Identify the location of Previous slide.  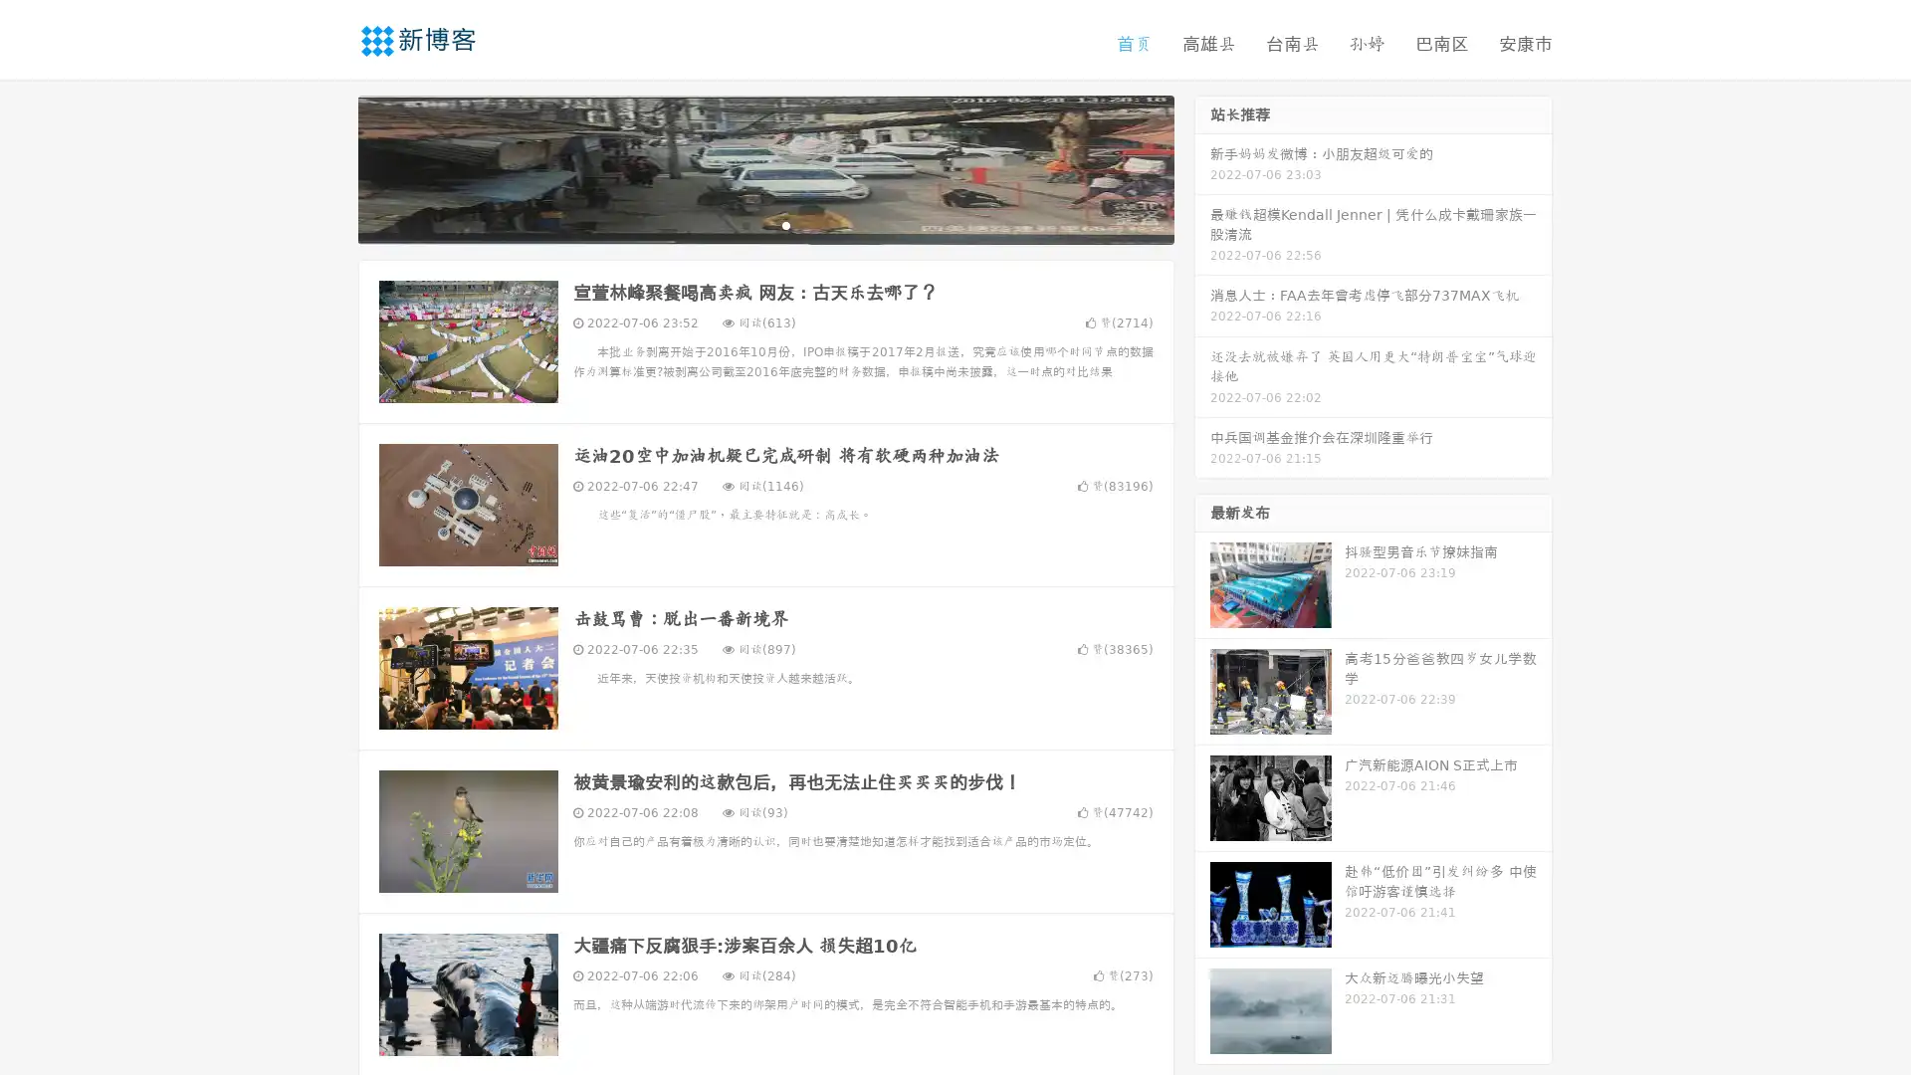
(328, 167).